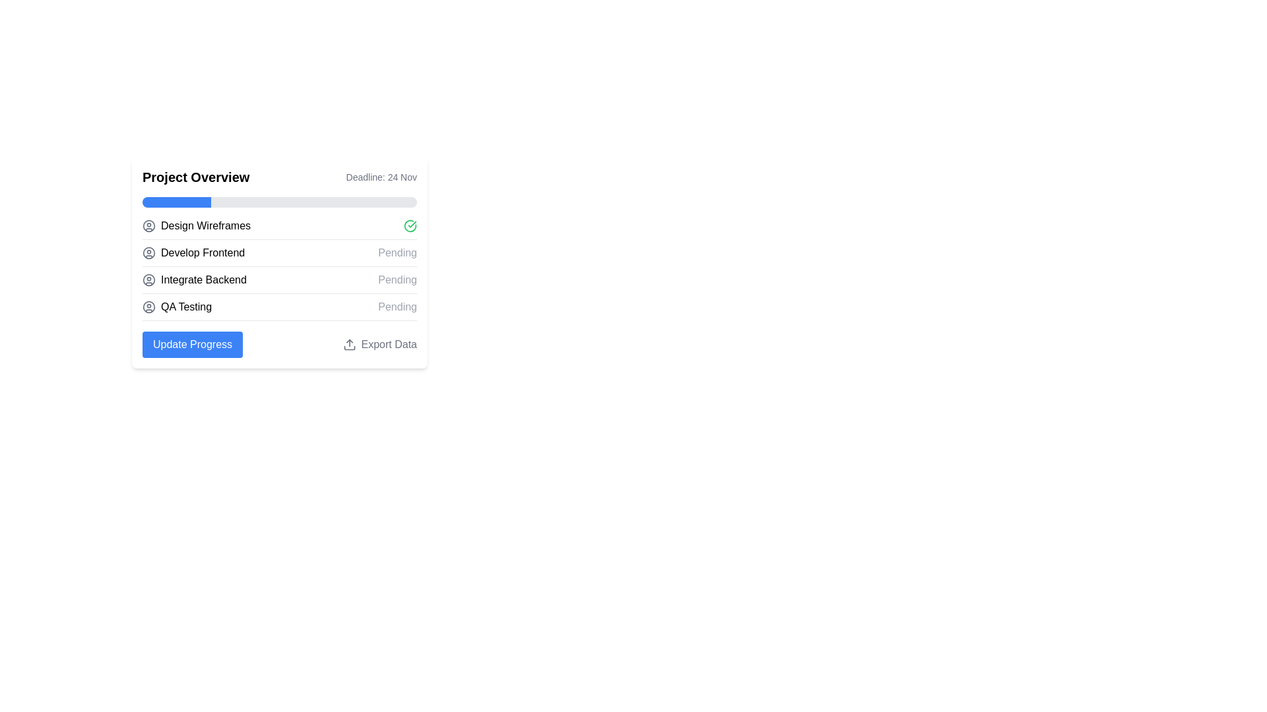 The image size is (1267, 712). Describe the element at coordinates (176, 307) in the screenshot. I see `the 'QA Testing' text label with icon, which is the fourth item in the 'Project Overview' section, located towards the lower middle of the section` at that location.